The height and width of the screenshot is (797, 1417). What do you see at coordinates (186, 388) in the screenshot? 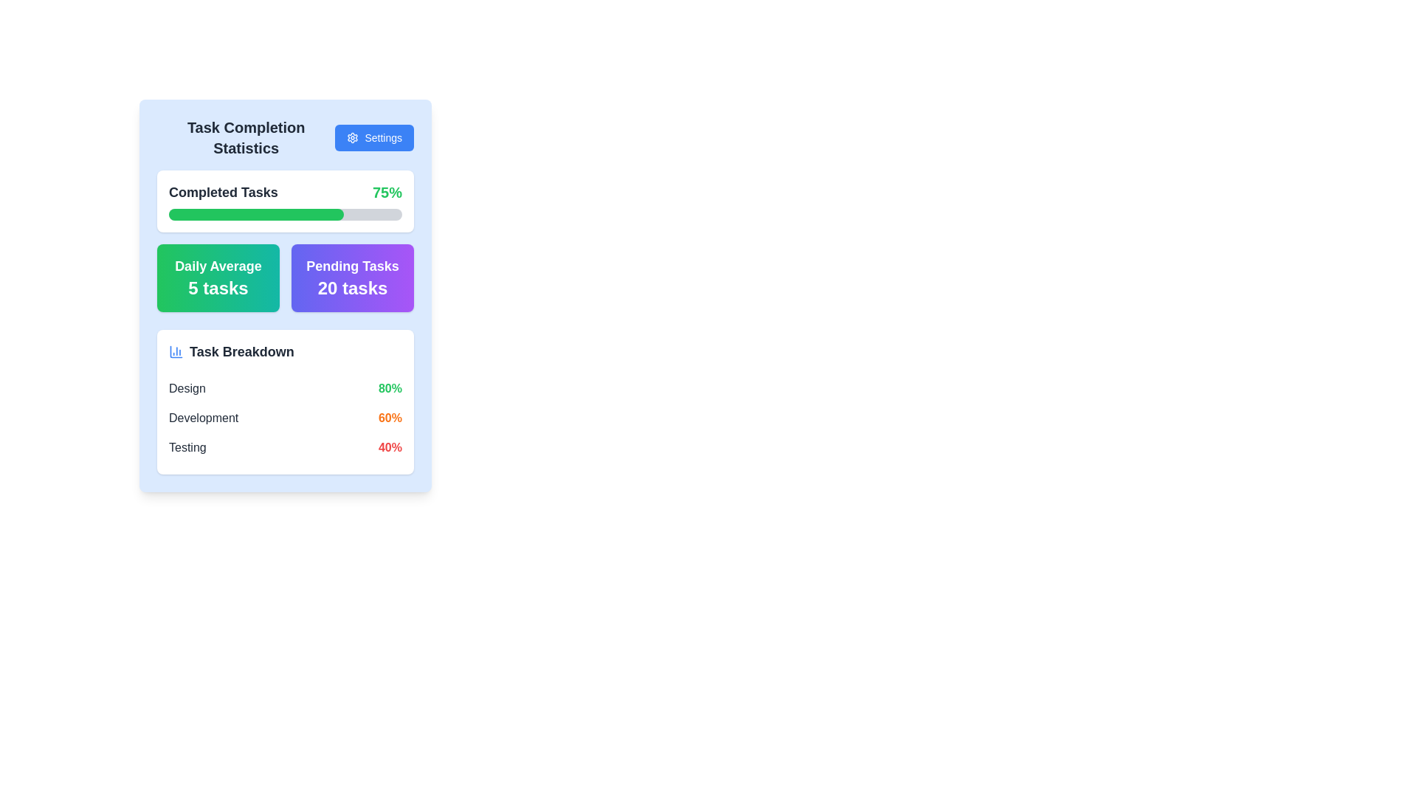
I see `the 'Design' task category label, which is the first element in the vertical list under 'Task Breakdown', aligned with the percentage value '80%'` at bounding box center [186, 388].